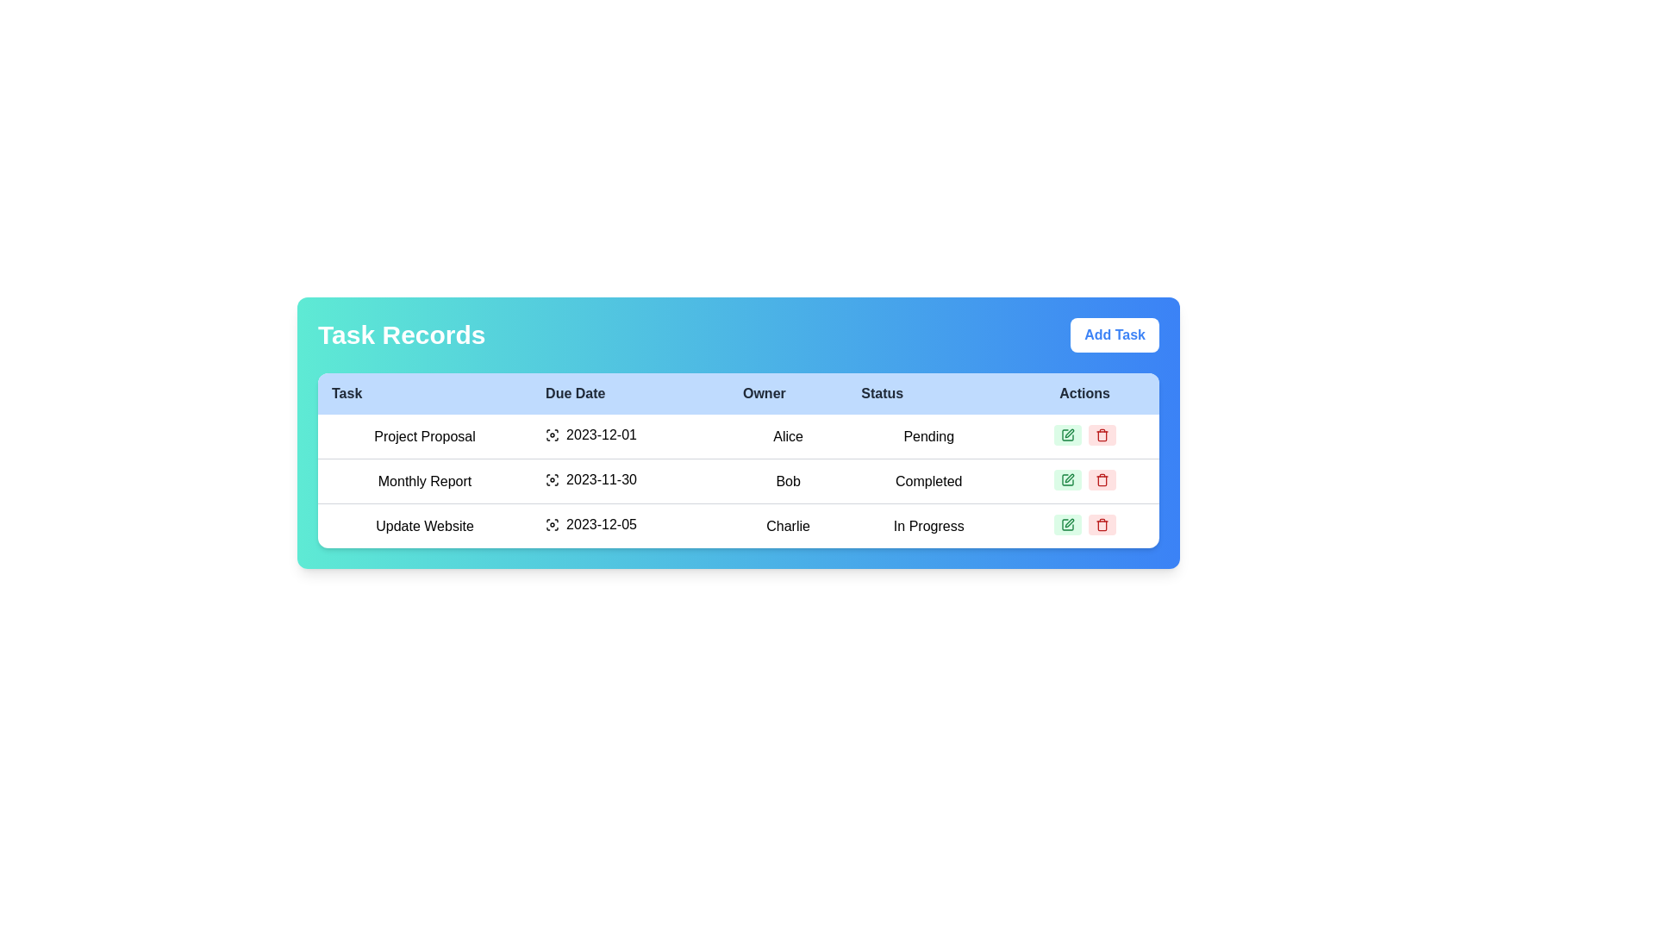 This screenshot has height=931, width=1655. What do you see at coordinates (1066, 434) in the screenshot?
I see `the first button in the 'Actions' column of the first row in the table for the 'Project Proposal' task` at bounding box center [1066, 434].